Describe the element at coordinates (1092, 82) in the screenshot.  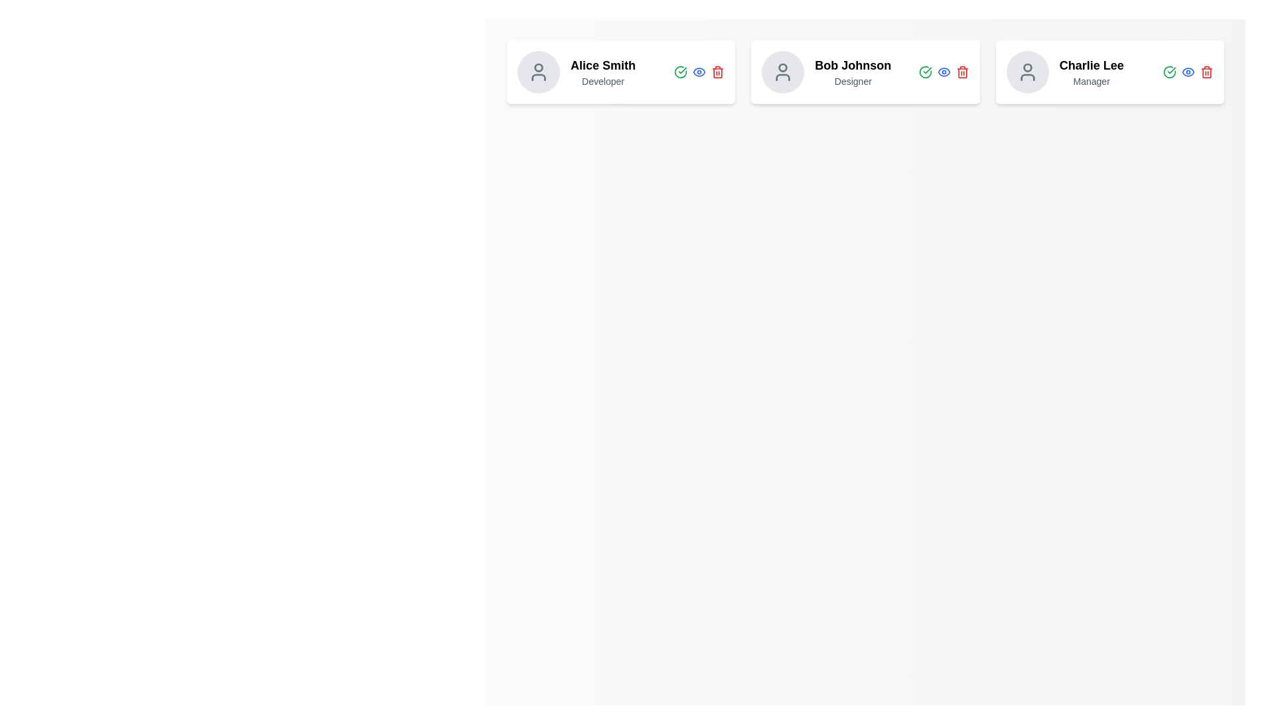
I see `the Text Label indicating the role or position of the individual represented in the user card, located in the top-right user card, below the name label` at that location.